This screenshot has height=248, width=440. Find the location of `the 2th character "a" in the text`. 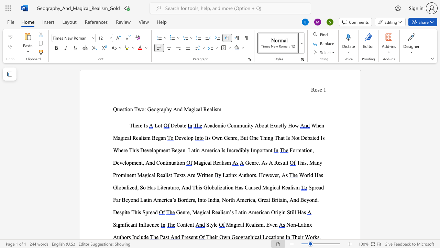

the 2th character "a" in the text is located at coordinates (241, 225).